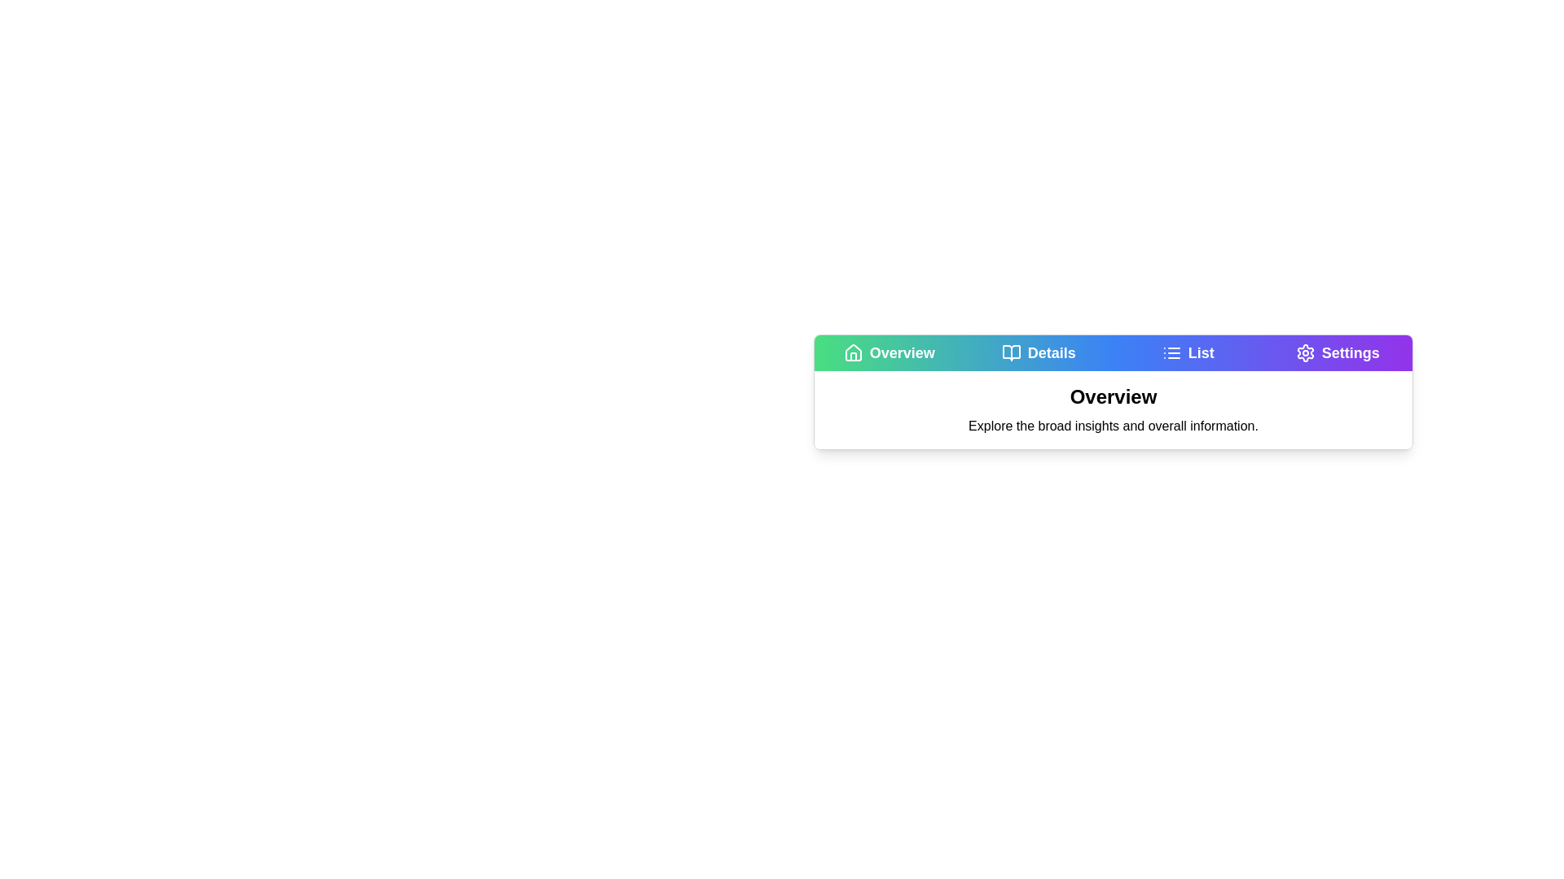 The width and height of the screenshot is (1564, 879). Describe the element at coordinates (1010, 352) in the screenshot. I see `the 'Details' icon in the navigation bar` at that location.